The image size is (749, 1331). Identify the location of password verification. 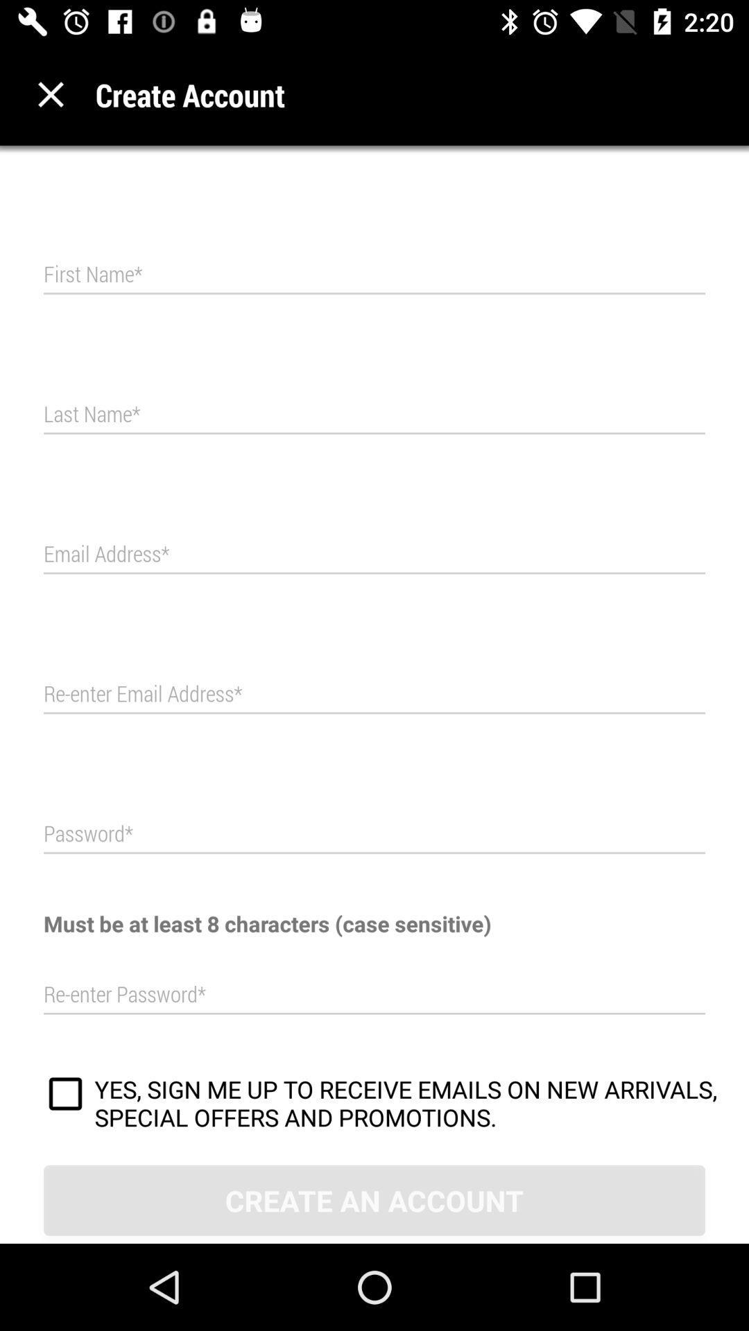
(374, 994).